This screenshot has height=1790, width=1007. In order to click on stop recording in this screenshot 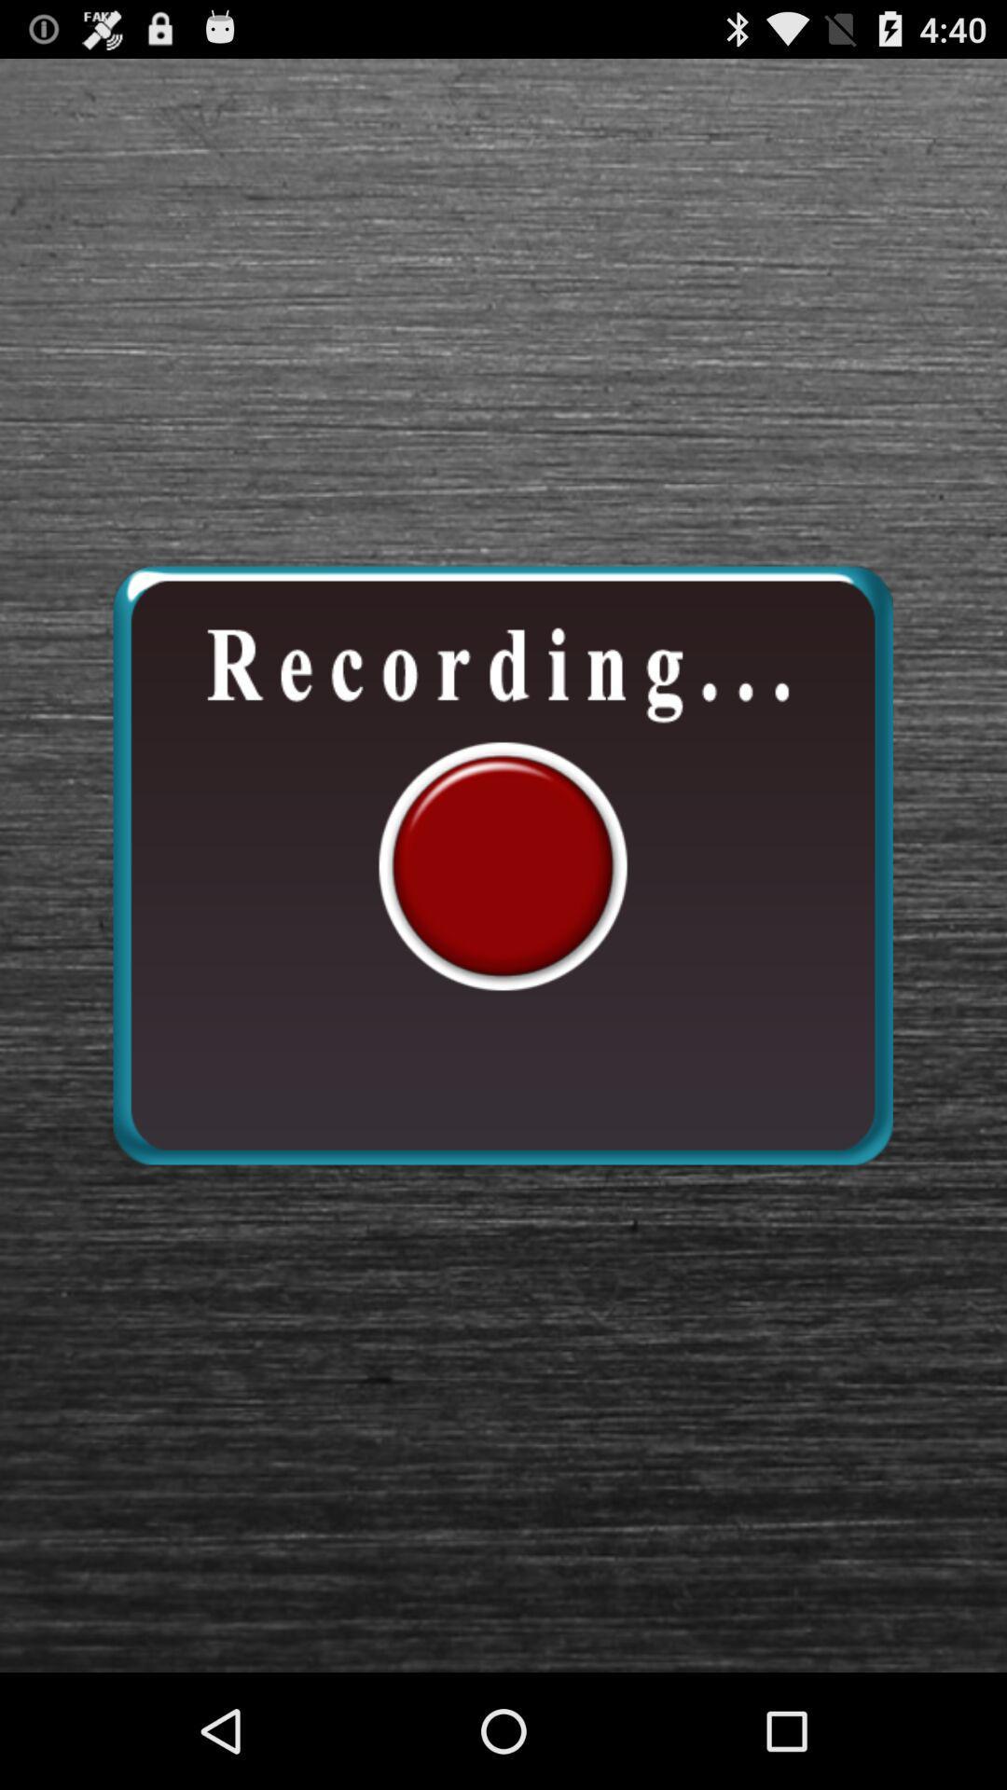, I will do `click(502, 864)`.